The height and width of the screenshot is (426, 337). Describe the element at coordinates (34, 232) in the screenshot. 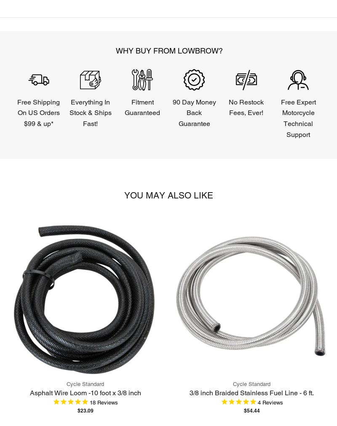

I see `'Lowbrow Customs'` at that location.